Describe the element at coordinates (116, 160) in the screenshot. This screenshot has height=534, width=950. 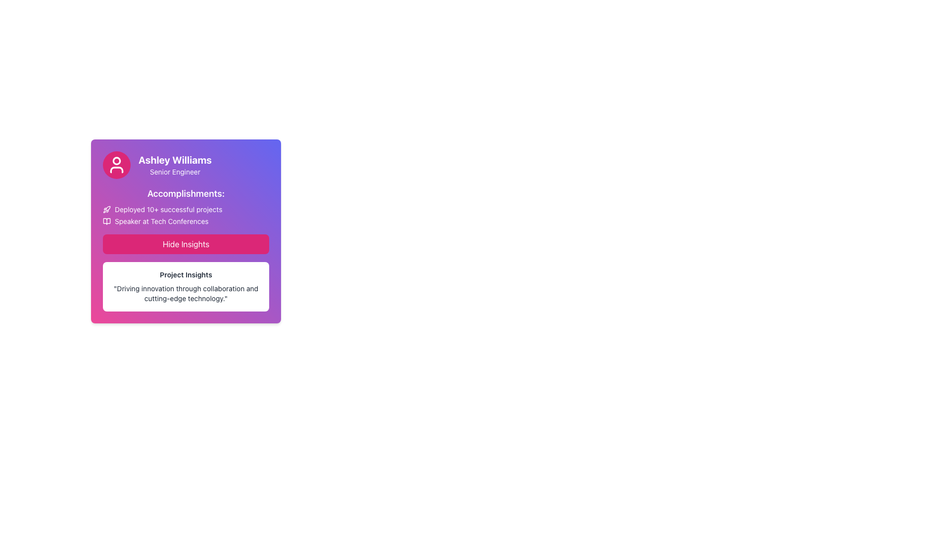
I see `the decorative circular icon with a pink background located at the upper section of the user profile picture card` at that location.